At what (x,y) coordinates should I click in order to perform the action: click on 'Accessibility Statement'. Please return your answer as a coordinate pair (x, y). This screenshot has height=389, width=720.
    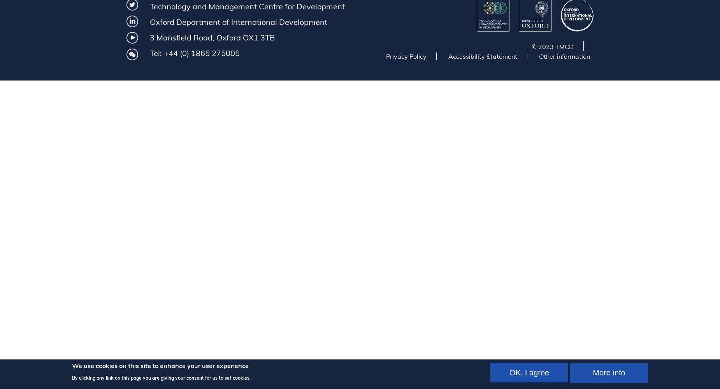
    Looking at the image, I should click on (448, 56).